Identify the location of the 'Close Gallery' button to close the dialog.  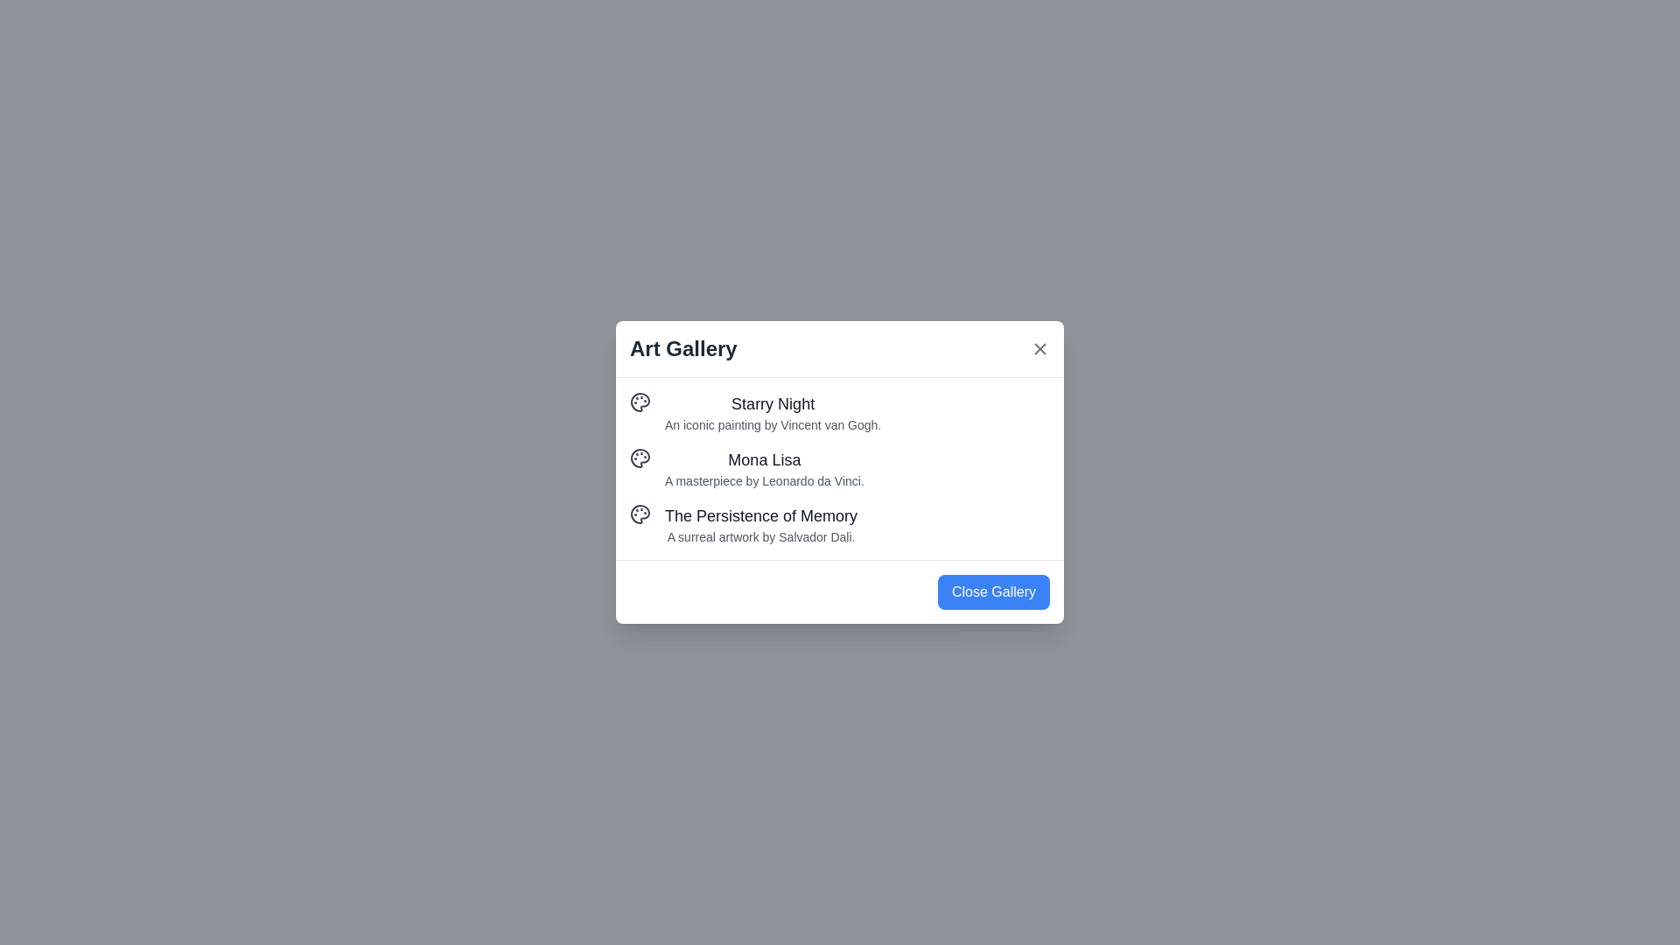
(994, 591).